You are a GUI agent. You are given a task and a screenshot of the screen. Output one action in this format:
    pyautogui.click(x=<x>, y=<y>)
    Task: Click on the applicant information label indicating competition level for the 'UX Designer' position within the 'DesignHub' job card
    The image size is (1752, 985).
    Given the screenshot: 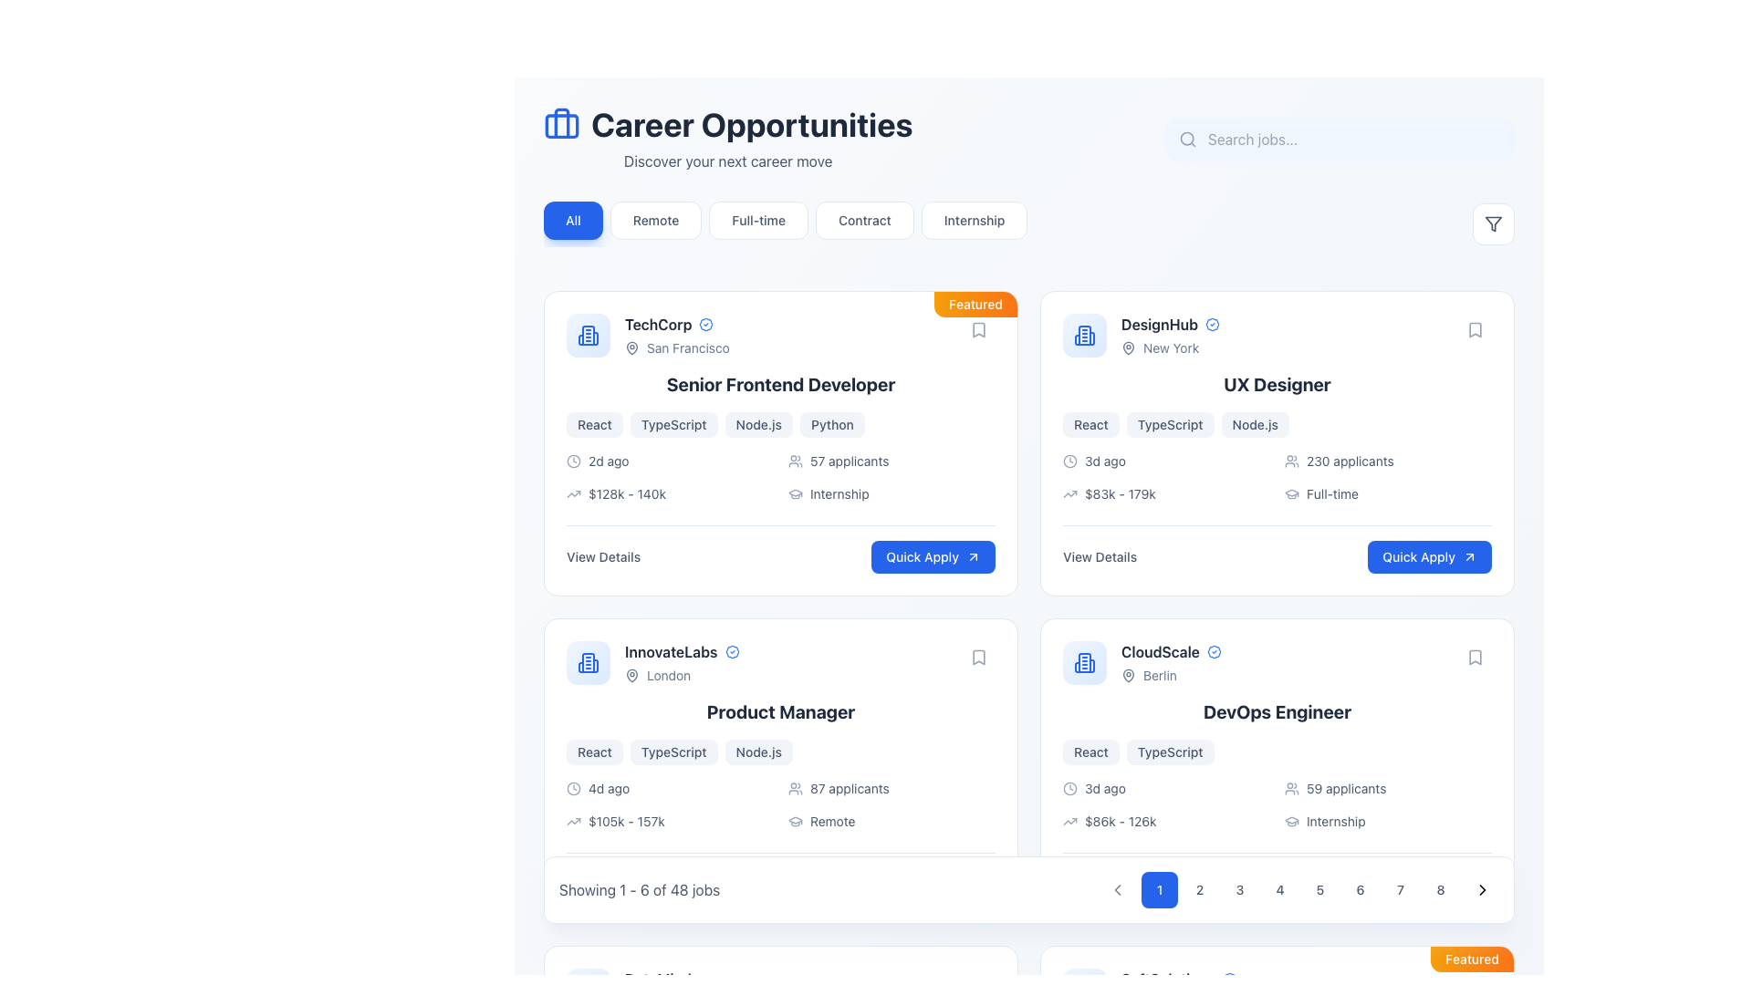 What is the action you would take?
    pyautogui.click(x=1387, y=460)
    